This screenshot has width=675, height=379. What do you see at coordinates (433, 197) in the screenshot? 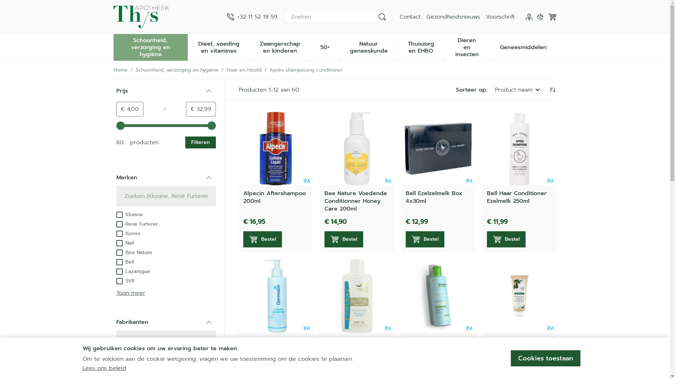
I see `'Bell Ezelzelmelk Box 4x30ml'` at bounding box center [433, 197].